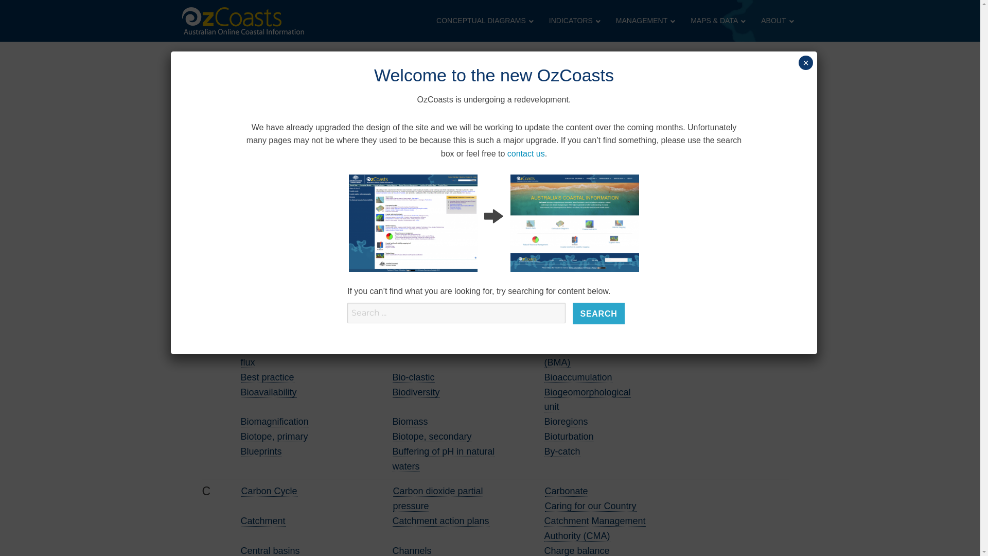 The image size is (988, 556). What do you see at coordinates (588, 399) in the screenshot?
I see `'Biogeomorphological unit'` at bounding box center [588, 399].